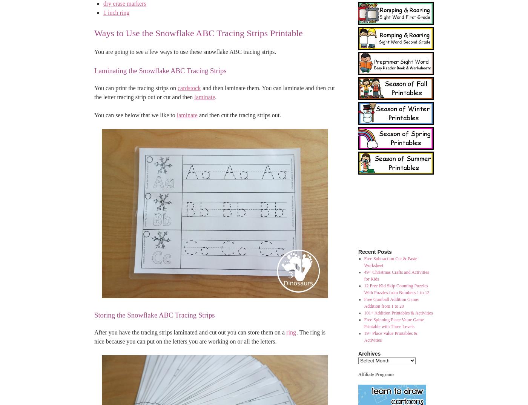 The image size is (528, 405). Describe the element at coordinates (124, 3) in the screenshot. I see `'dry erase markers'` at that location.